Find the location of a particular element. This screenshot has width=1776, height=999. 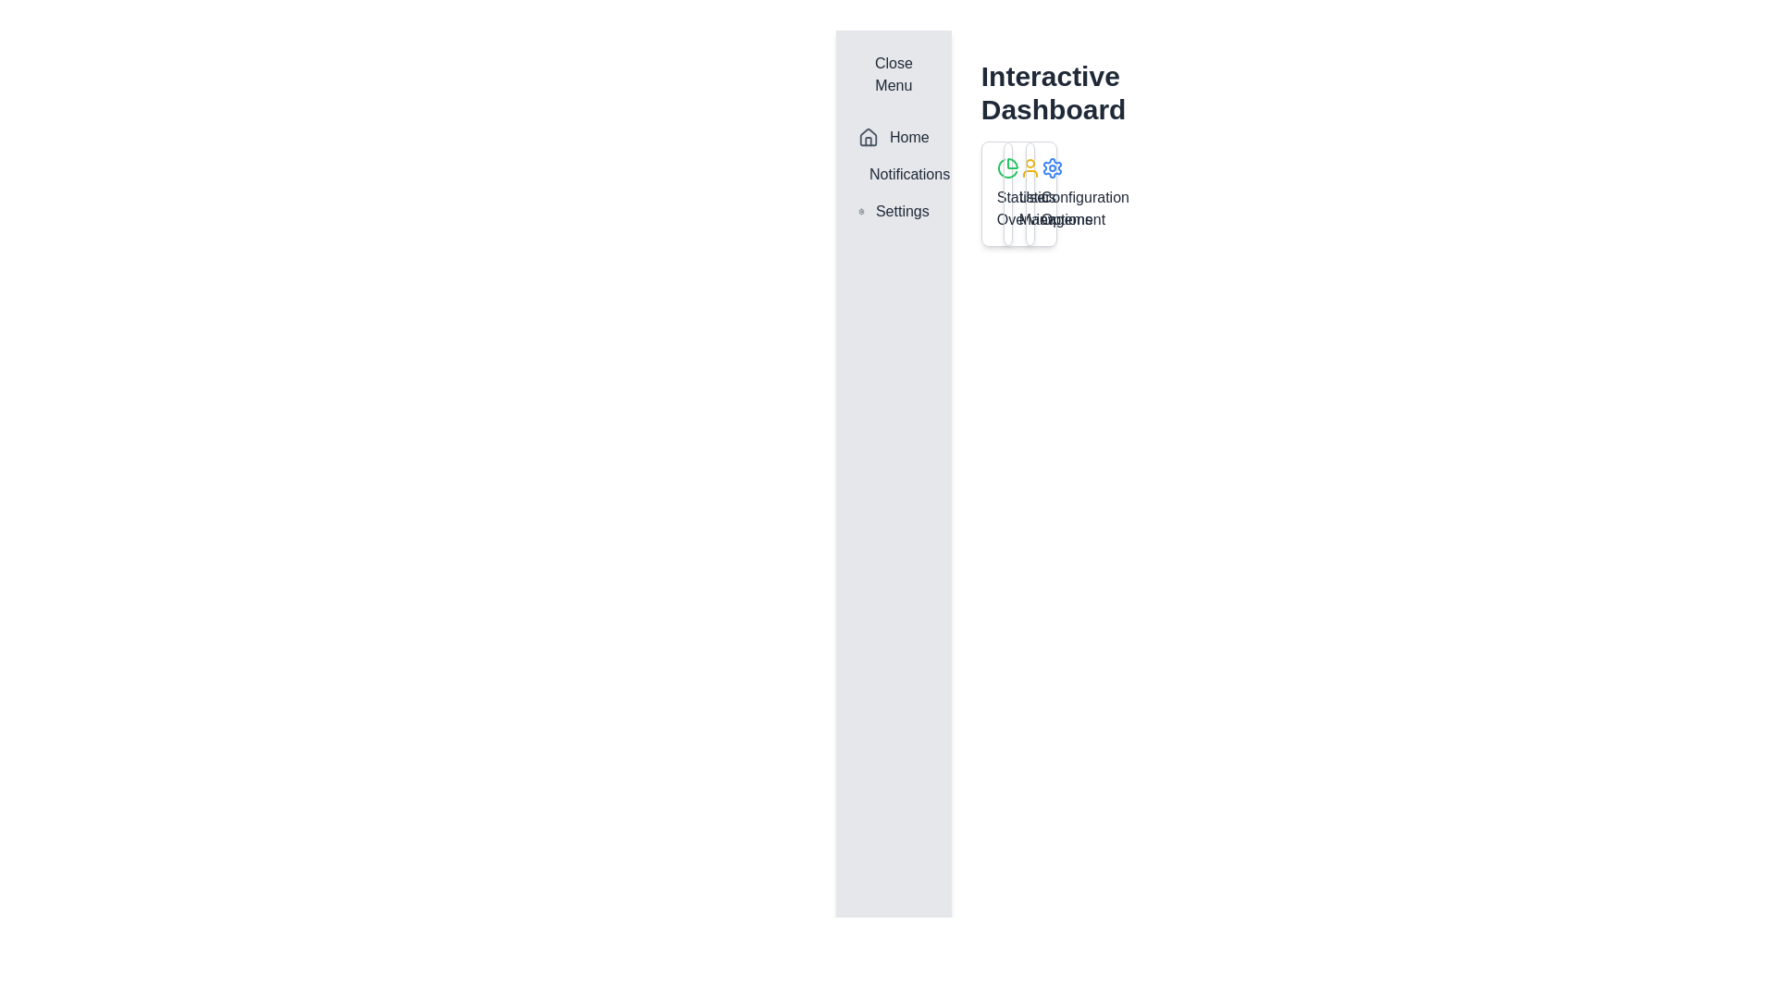

the user icon located at the top-right section of the 'User Management' card for visual feedback is located at coordinates (1029, 167).